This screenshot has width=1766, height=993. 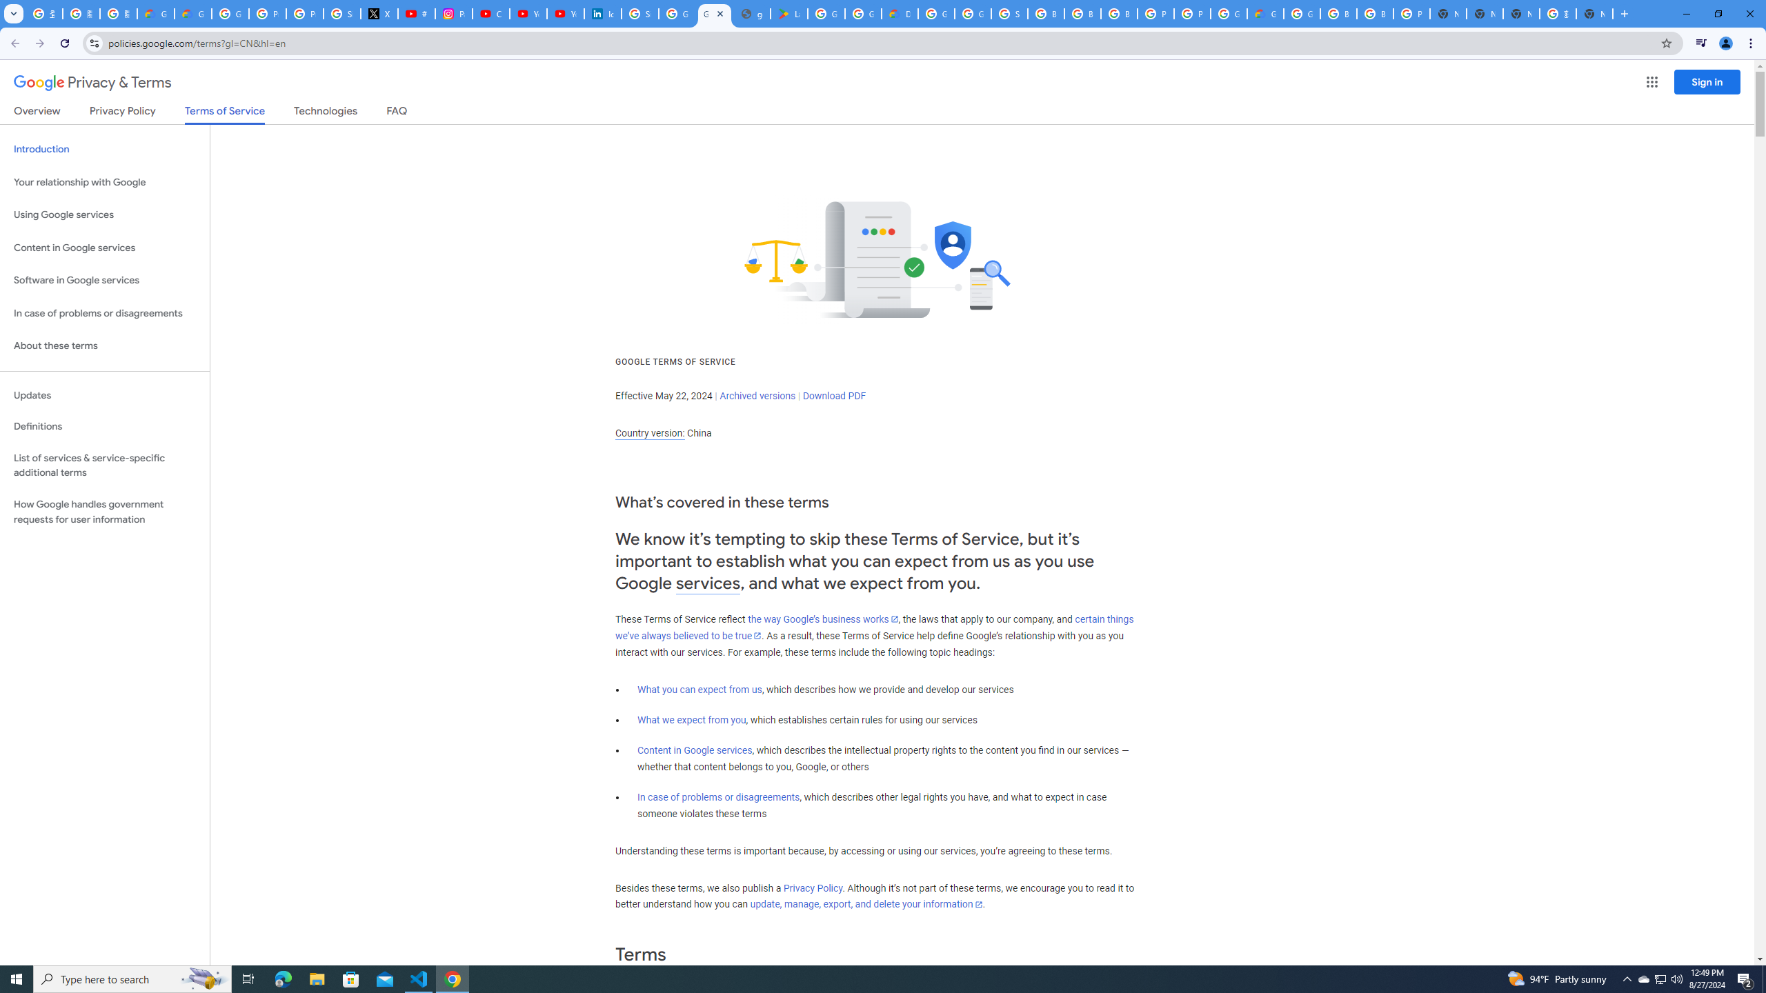 What do you see at coordinates (833, 394) in the screenshot?
I see `'Download PDF'` at bounding box center [833, 394].